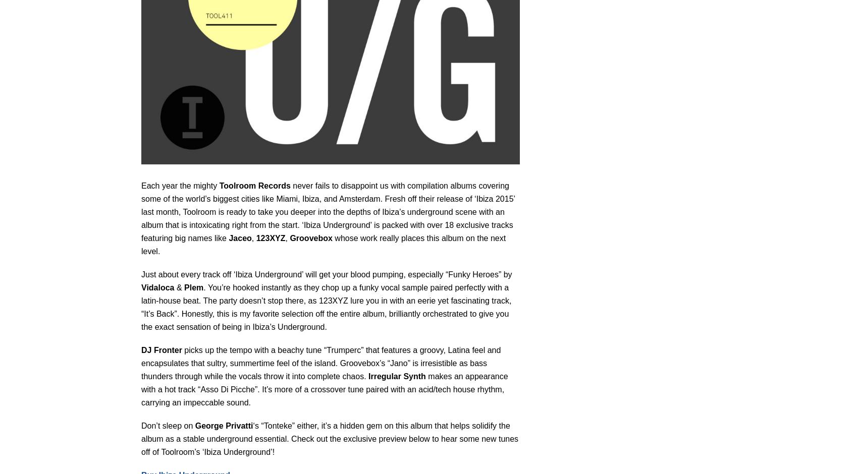  I want to click on '&', so click(178, 287).